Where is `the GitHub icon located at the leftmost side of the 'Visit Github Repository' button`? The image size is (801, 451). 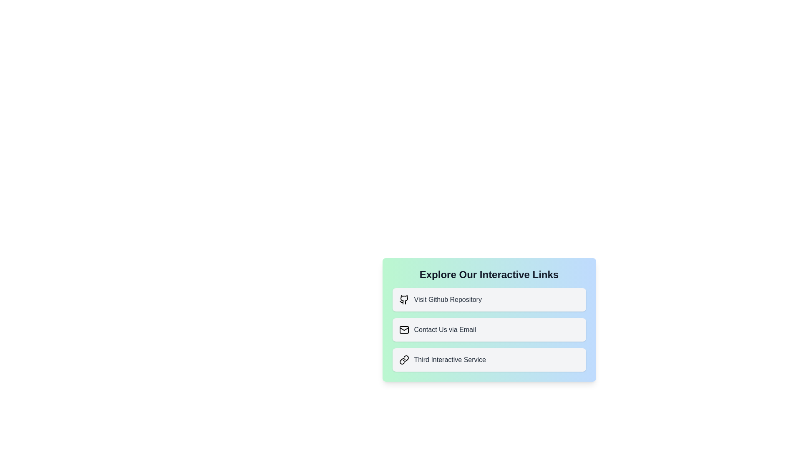
the GitHub icon located at the leftmost side of the 'Visit Github Repository' button is located at coordinates (404, 299).